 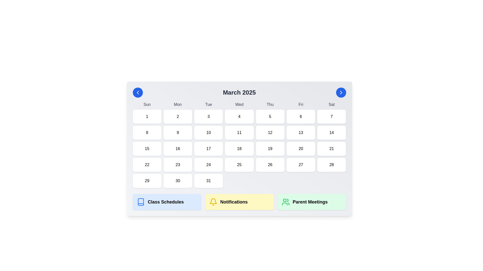 I want to click on 'Class Schedules' icon located on the left side of the bottom row within the blue box labeled 'Class Schedules.', so click(x=141, y=202).